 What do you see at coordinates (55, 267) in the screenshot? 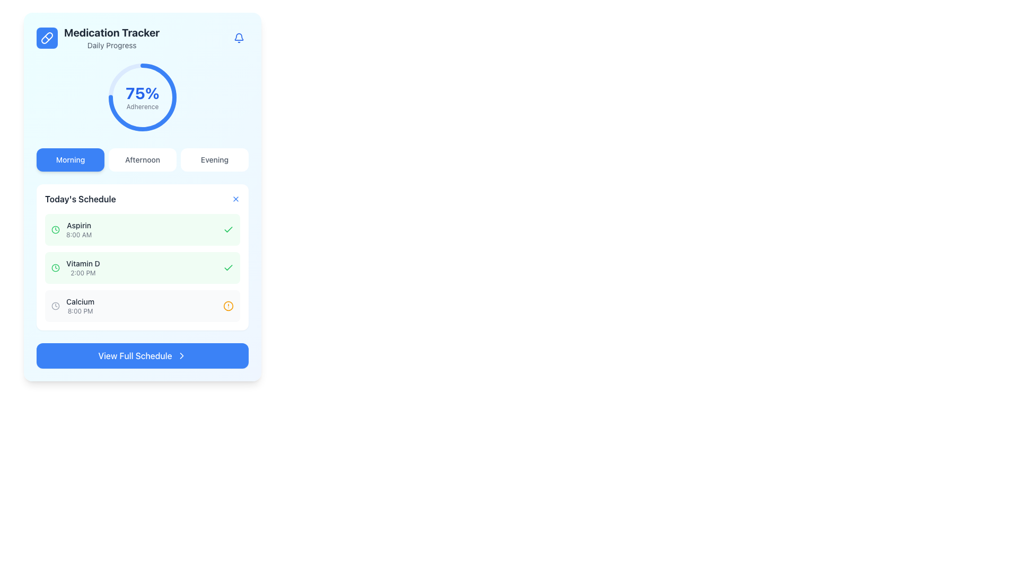
I see `the clock icon that visually conveys the time information next to the text 'Vitamin D 2:00 PM' in the schedule list` at bounding box center [55, 267].